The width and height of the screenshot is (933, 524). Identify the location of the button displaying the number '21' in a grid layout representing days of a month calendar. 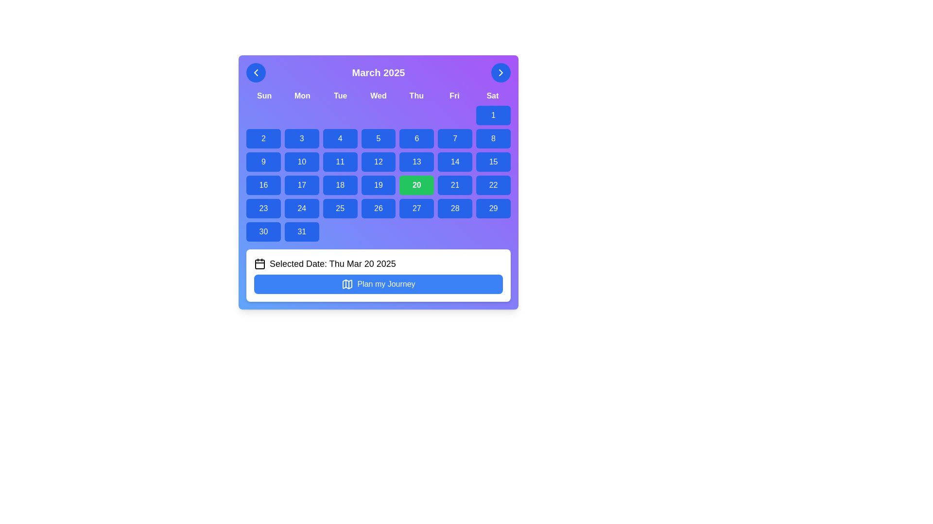
(454, 185).